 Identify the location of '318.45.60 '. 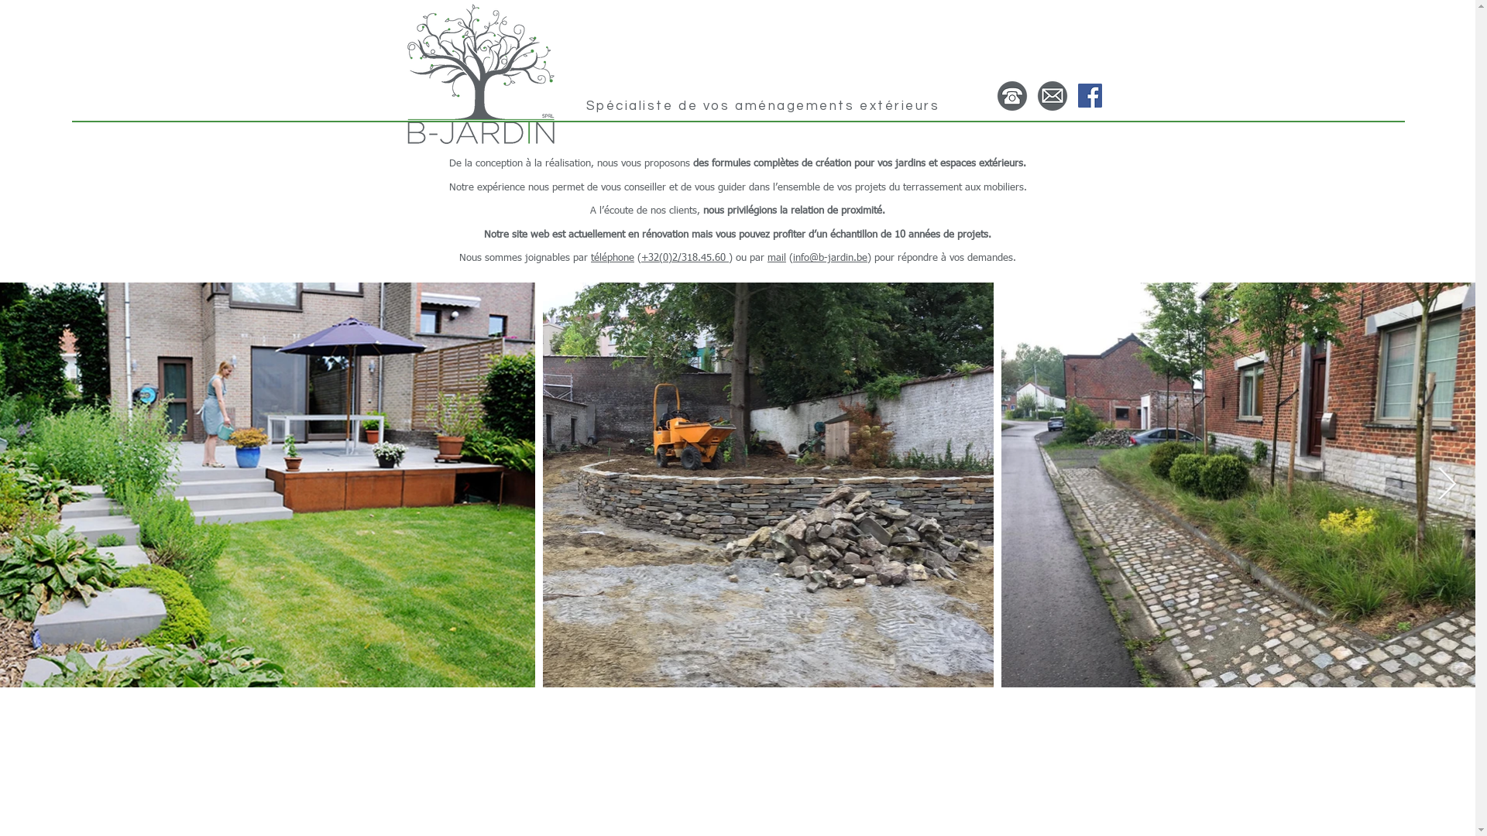
(704, 257).